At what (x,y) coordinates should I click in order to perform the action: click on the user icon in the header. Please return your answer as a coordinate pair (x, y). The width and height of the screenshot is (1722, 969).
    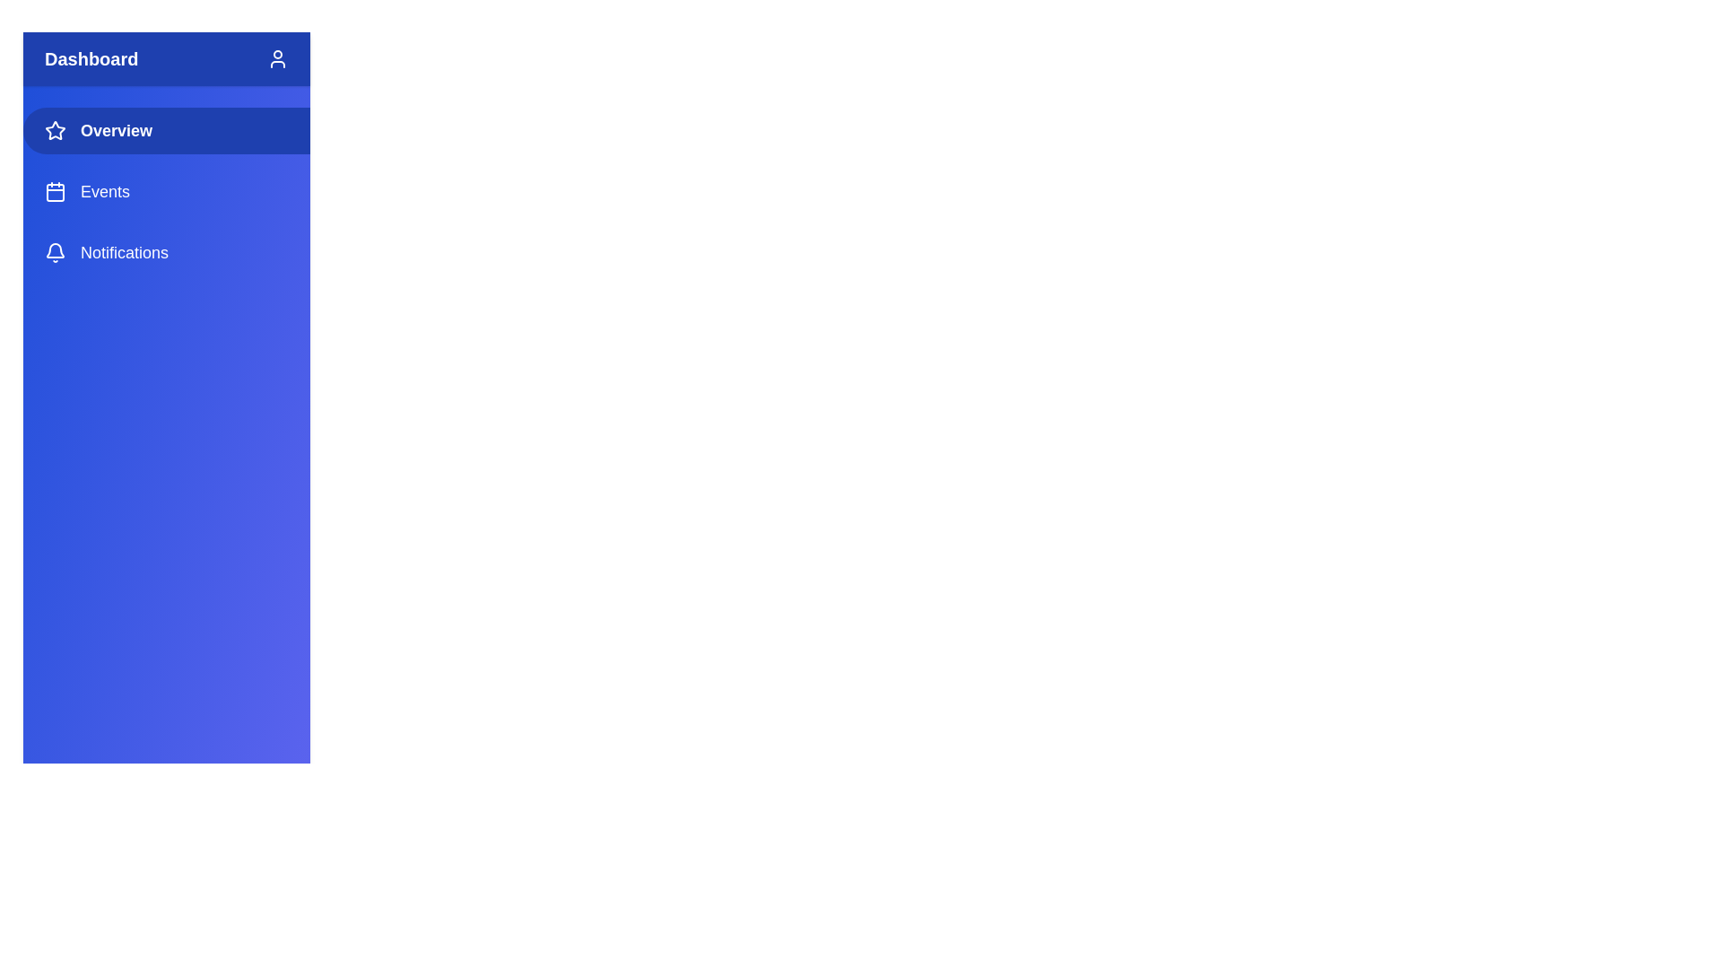
    Looking at the image, I should click on (277, 57).